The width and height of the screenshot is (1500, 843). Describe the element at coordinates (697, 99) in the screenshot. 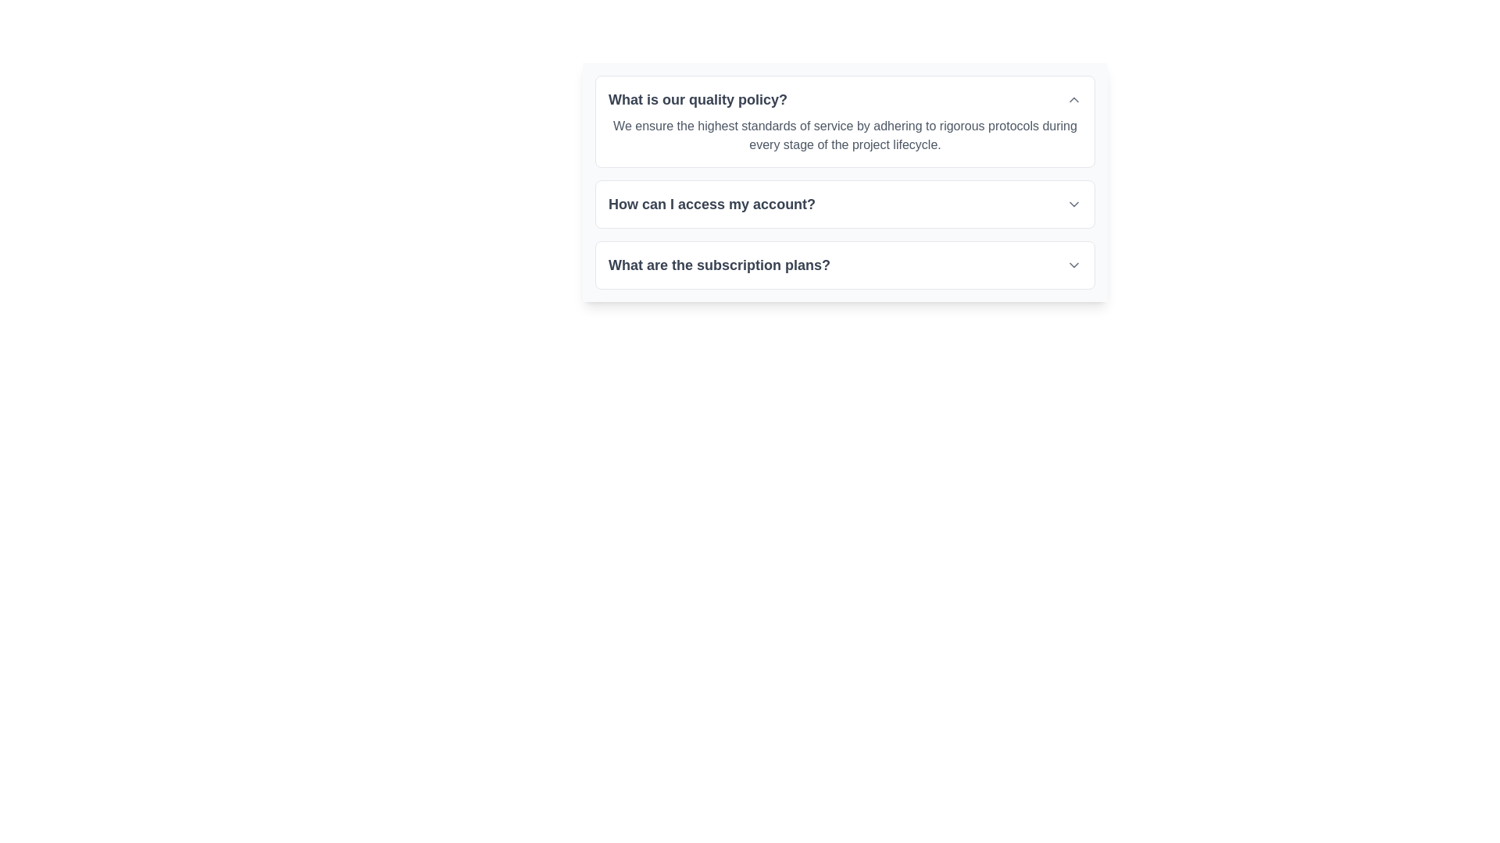

I see `the text header displaying the question 'What is our quality policy?' which is styled prominently and acts as an expandable section header` at that location.